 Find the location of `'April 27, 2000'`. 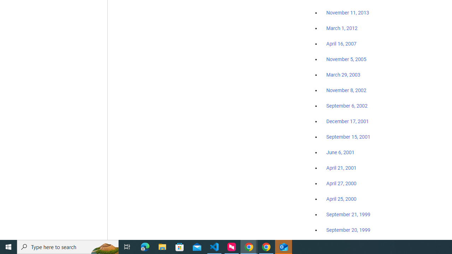

'April 27, 2000' is located at coordinates (341, 183).